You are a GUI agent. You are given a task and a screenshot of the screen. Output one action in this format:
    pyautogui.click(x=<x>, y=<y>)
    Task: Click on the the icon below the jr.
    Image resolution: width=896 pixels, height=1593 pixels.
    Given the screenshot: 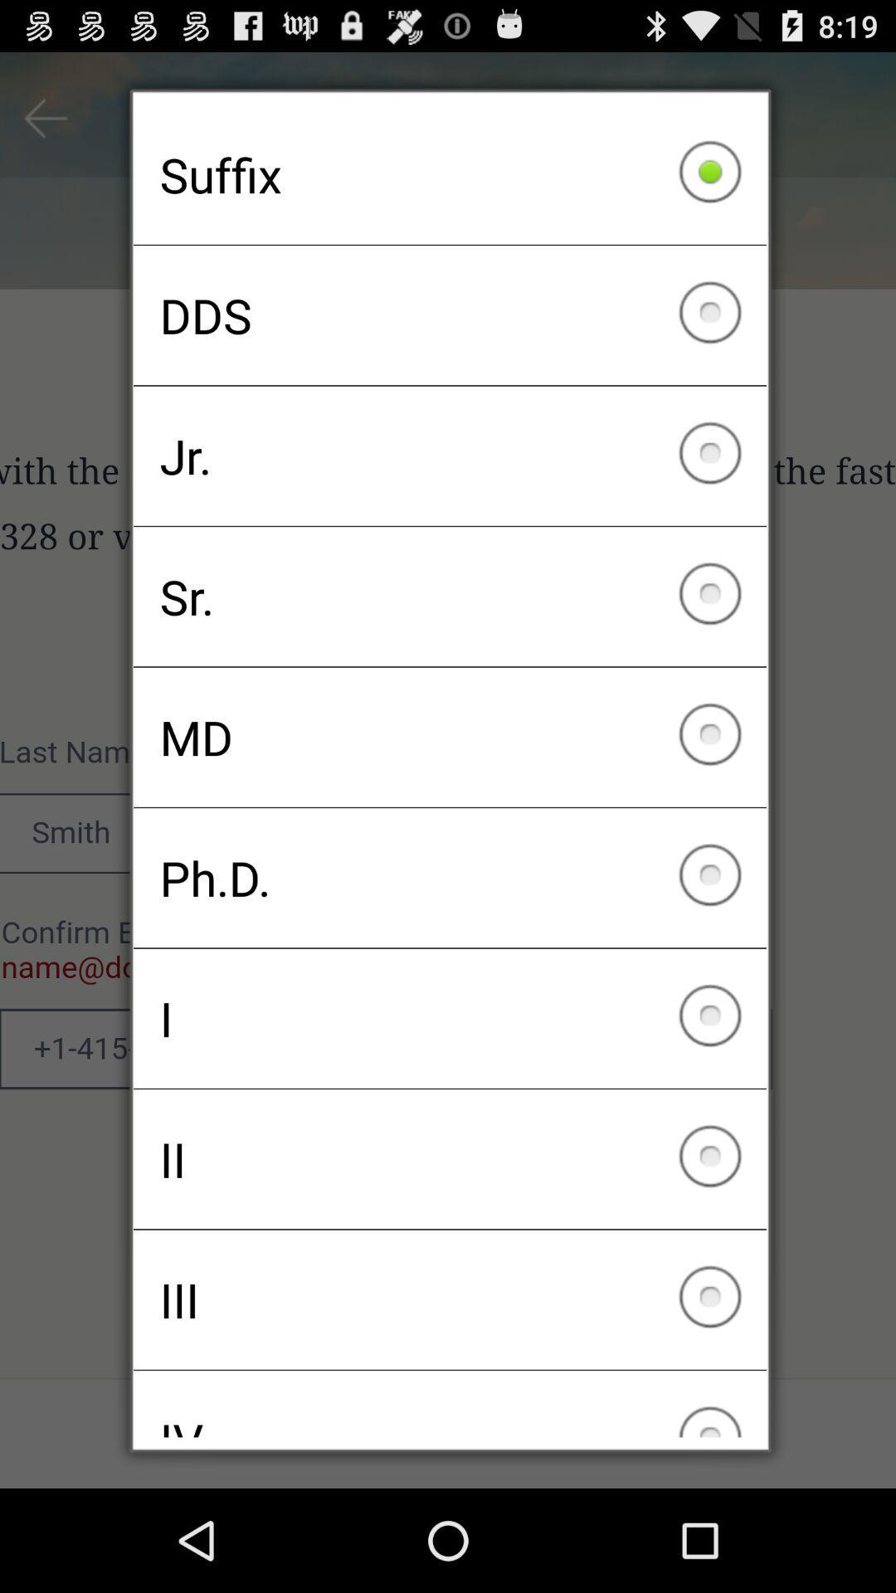 What is the action you would take?
    pyautogui.click(x=450, y=597)
    